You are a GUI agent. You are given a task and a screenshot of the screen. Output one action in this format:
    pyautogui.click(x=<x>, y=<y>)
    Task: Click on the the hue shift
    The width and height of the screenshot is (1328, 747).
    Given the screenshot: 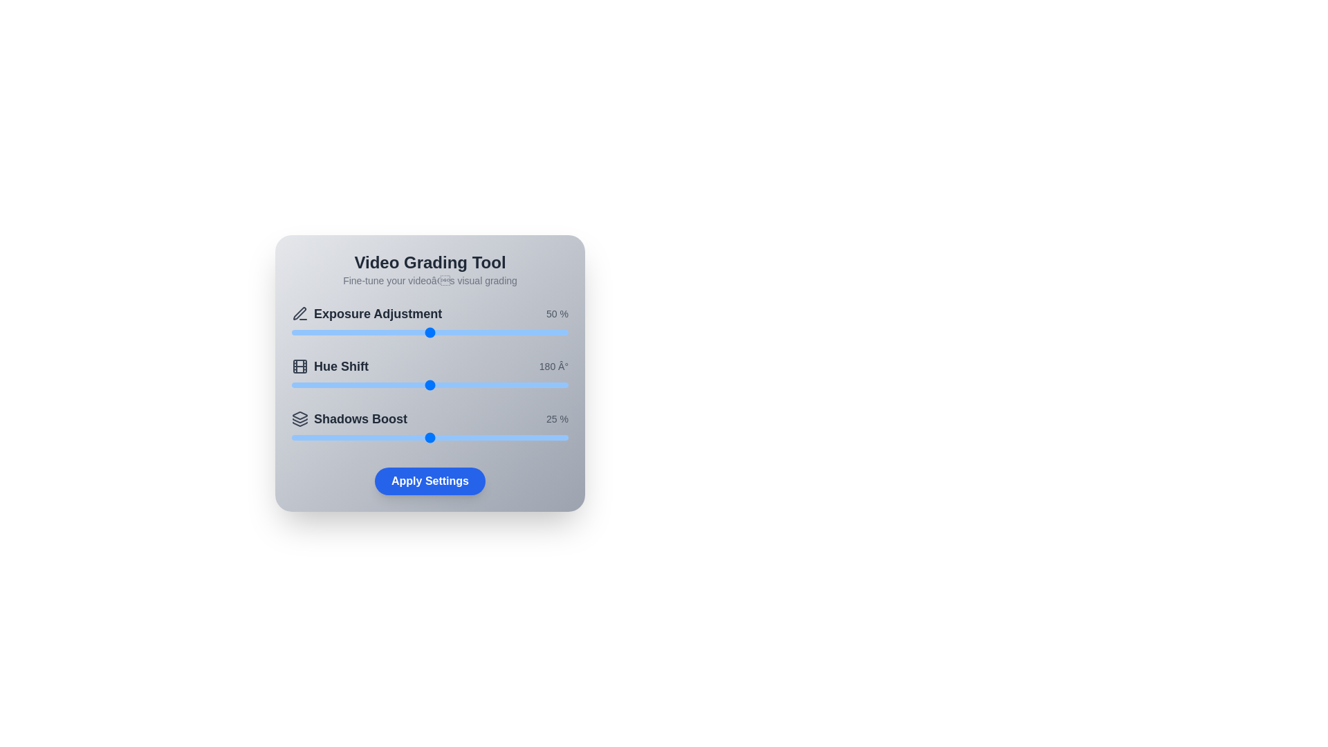 What is the action you would take?
    pyautogui.click(x=461, y=385)
    